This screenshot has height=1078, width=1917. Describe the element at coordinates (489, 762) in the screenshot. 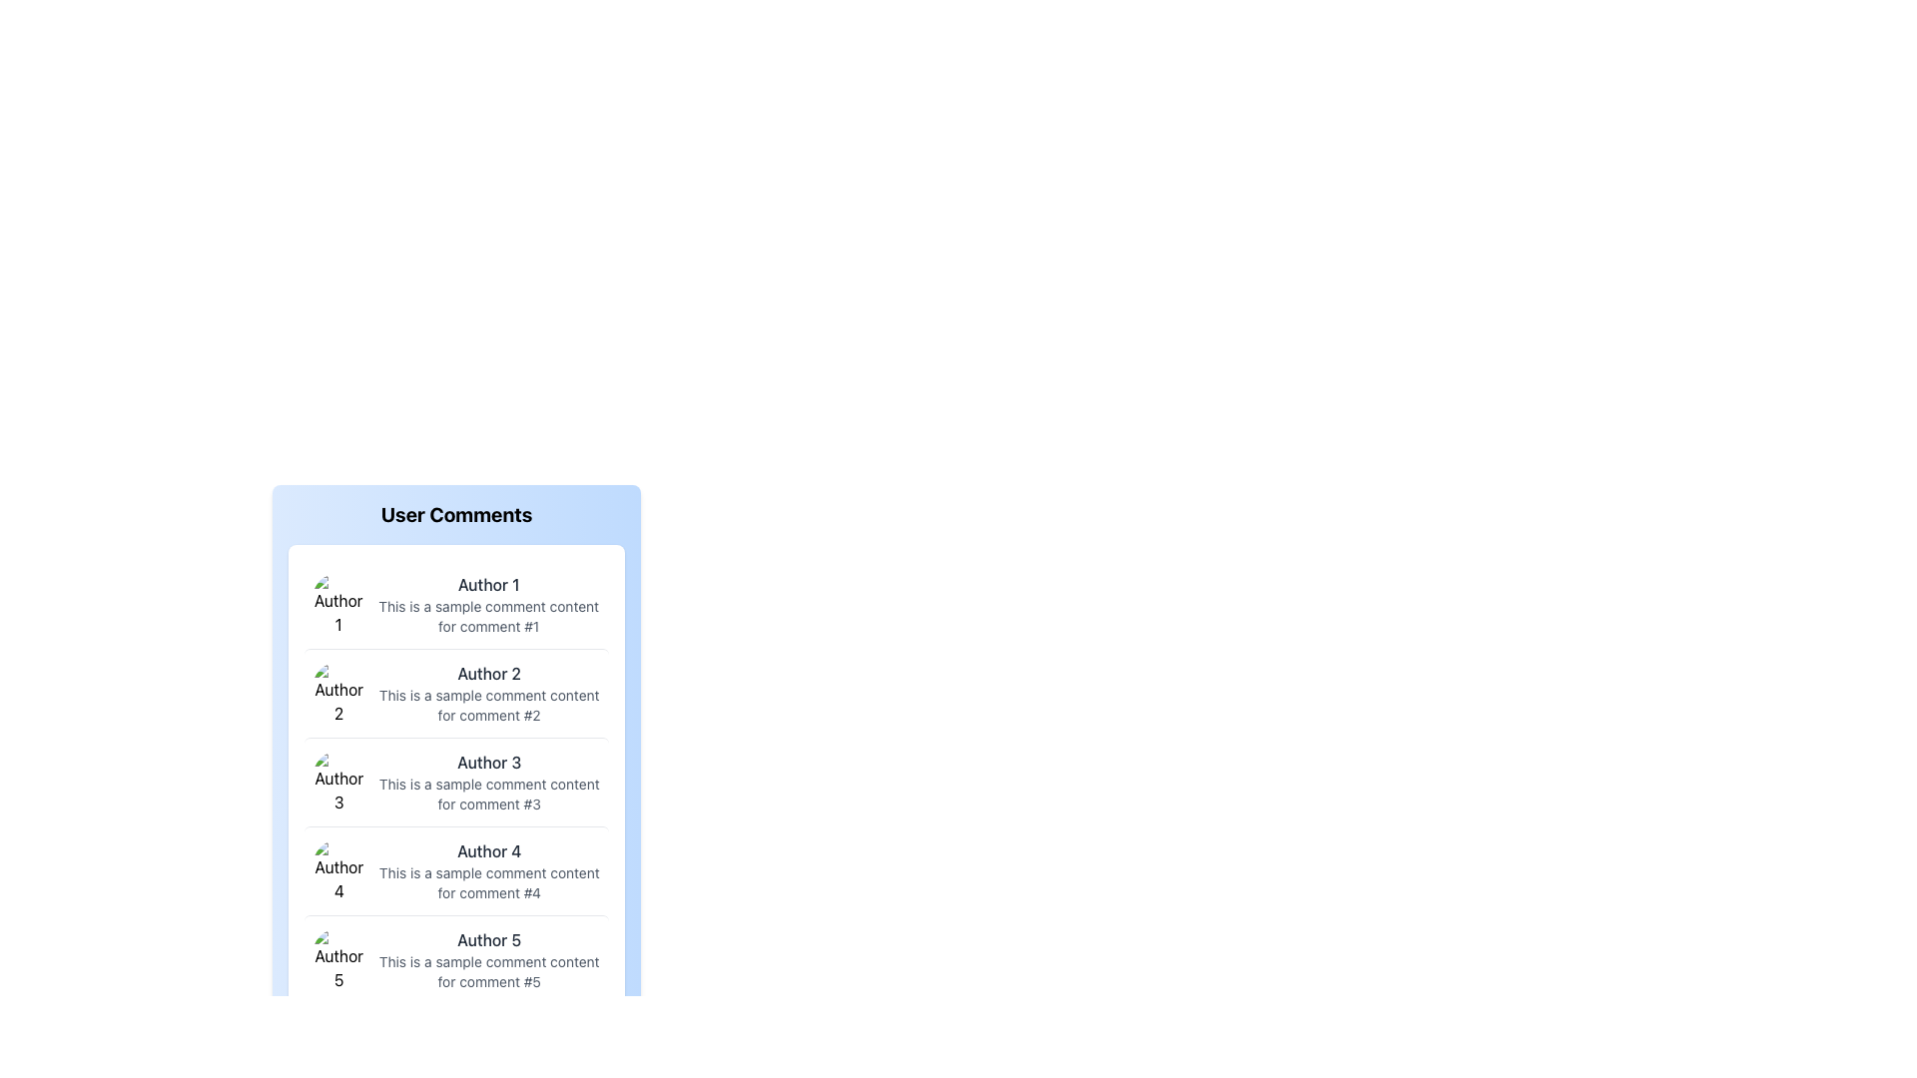

I see `the text label 'Author 3', which is styled in bold and dark-gray color, indicating the author of the third comment in the user comment section` at that location.